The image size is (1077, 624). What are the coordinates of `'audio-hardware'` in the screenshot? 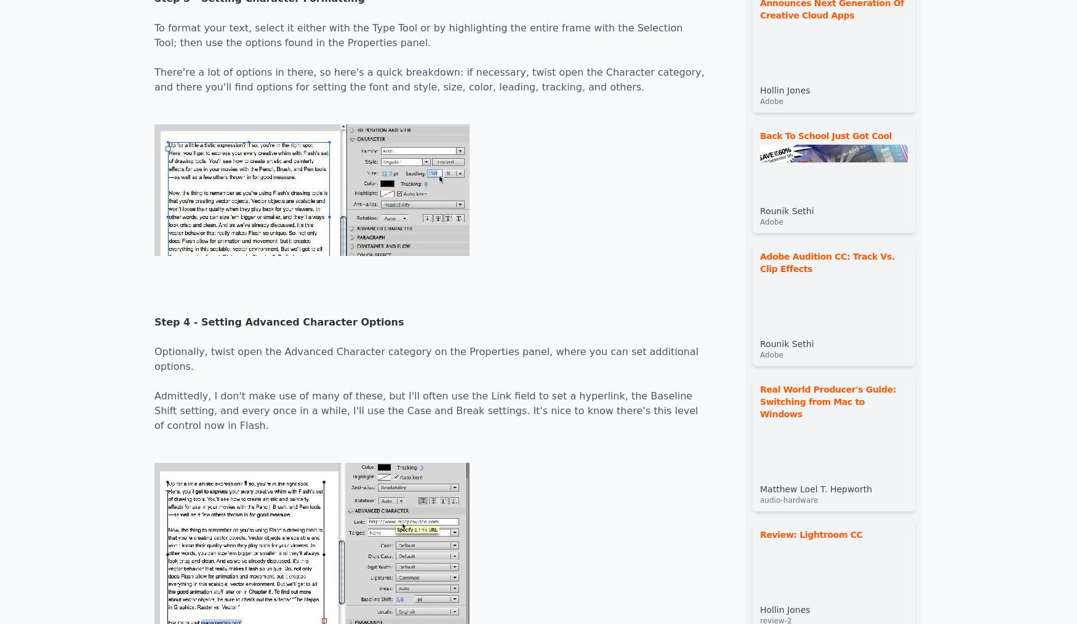 It's located at (759, 500).